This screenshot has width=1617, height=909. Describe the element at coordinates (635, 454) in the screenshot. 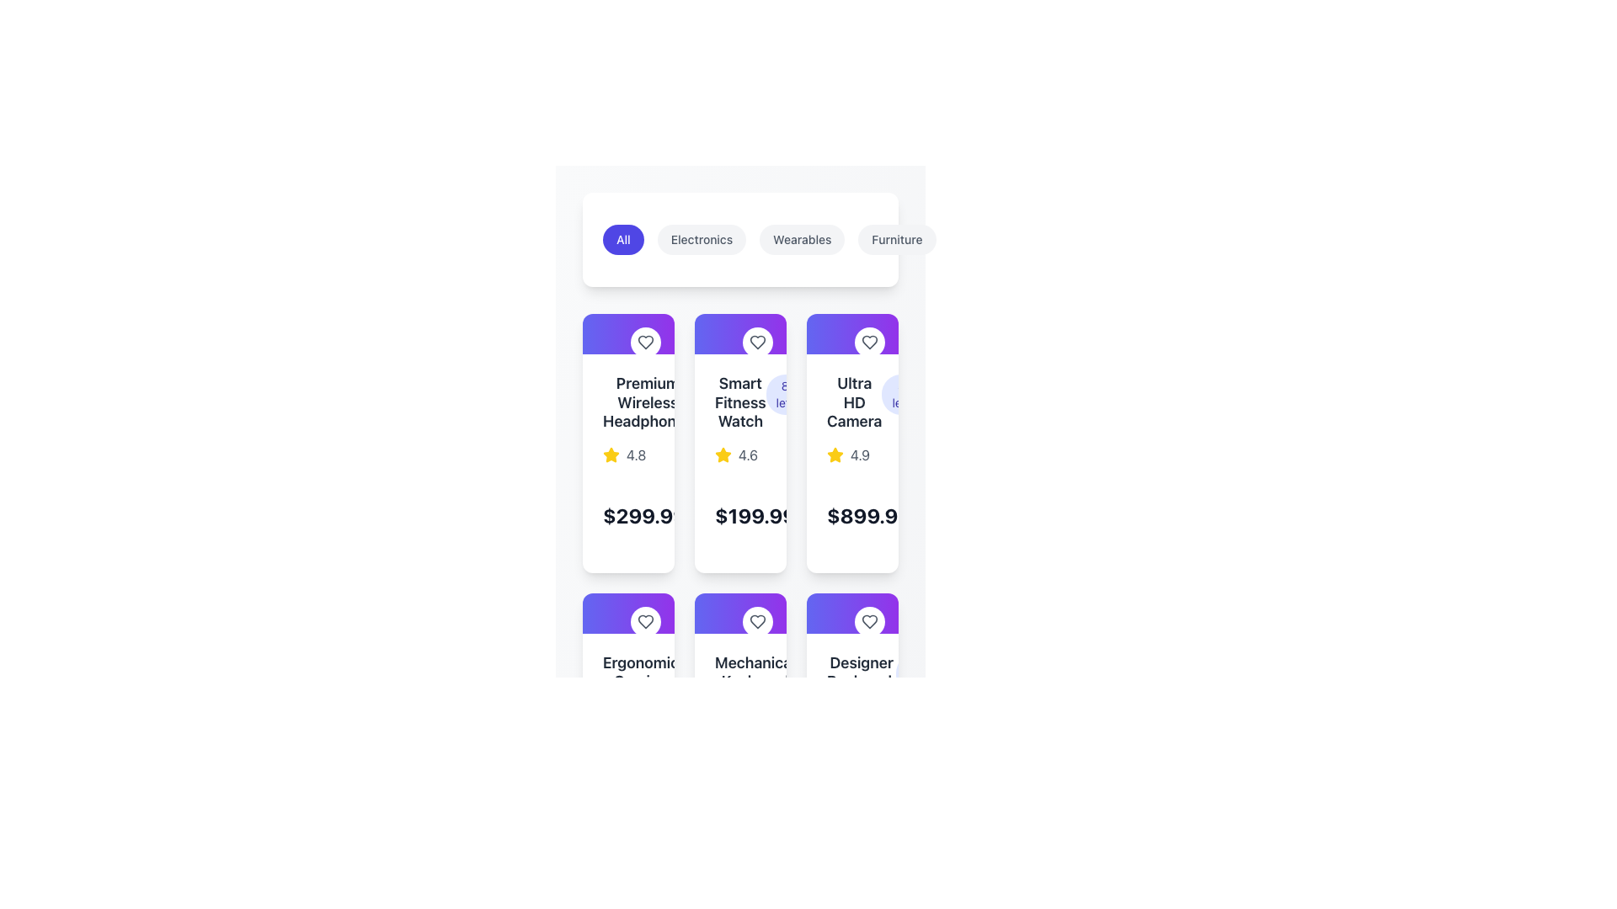

I see `the text label displaying the rating '4.8' located to the right of a yellow star icon in the product card layout` at that location.